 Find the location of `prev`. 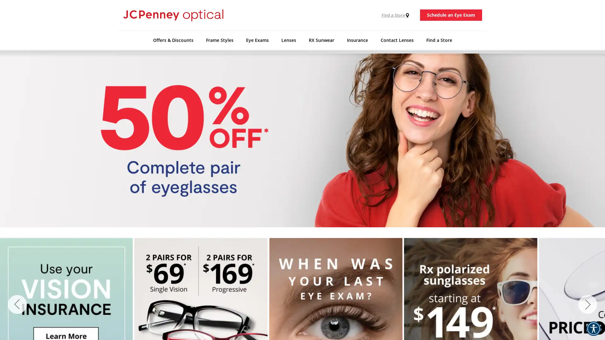

prev is located at coordinates (17, 304).